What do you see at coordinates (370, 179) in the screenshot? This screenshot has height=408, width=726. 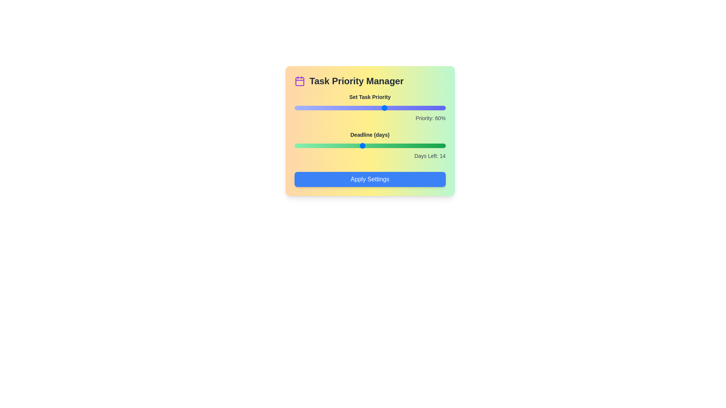 I see `'Apply Settings' button to apply the configured settings` at bounding box center [370, 179].